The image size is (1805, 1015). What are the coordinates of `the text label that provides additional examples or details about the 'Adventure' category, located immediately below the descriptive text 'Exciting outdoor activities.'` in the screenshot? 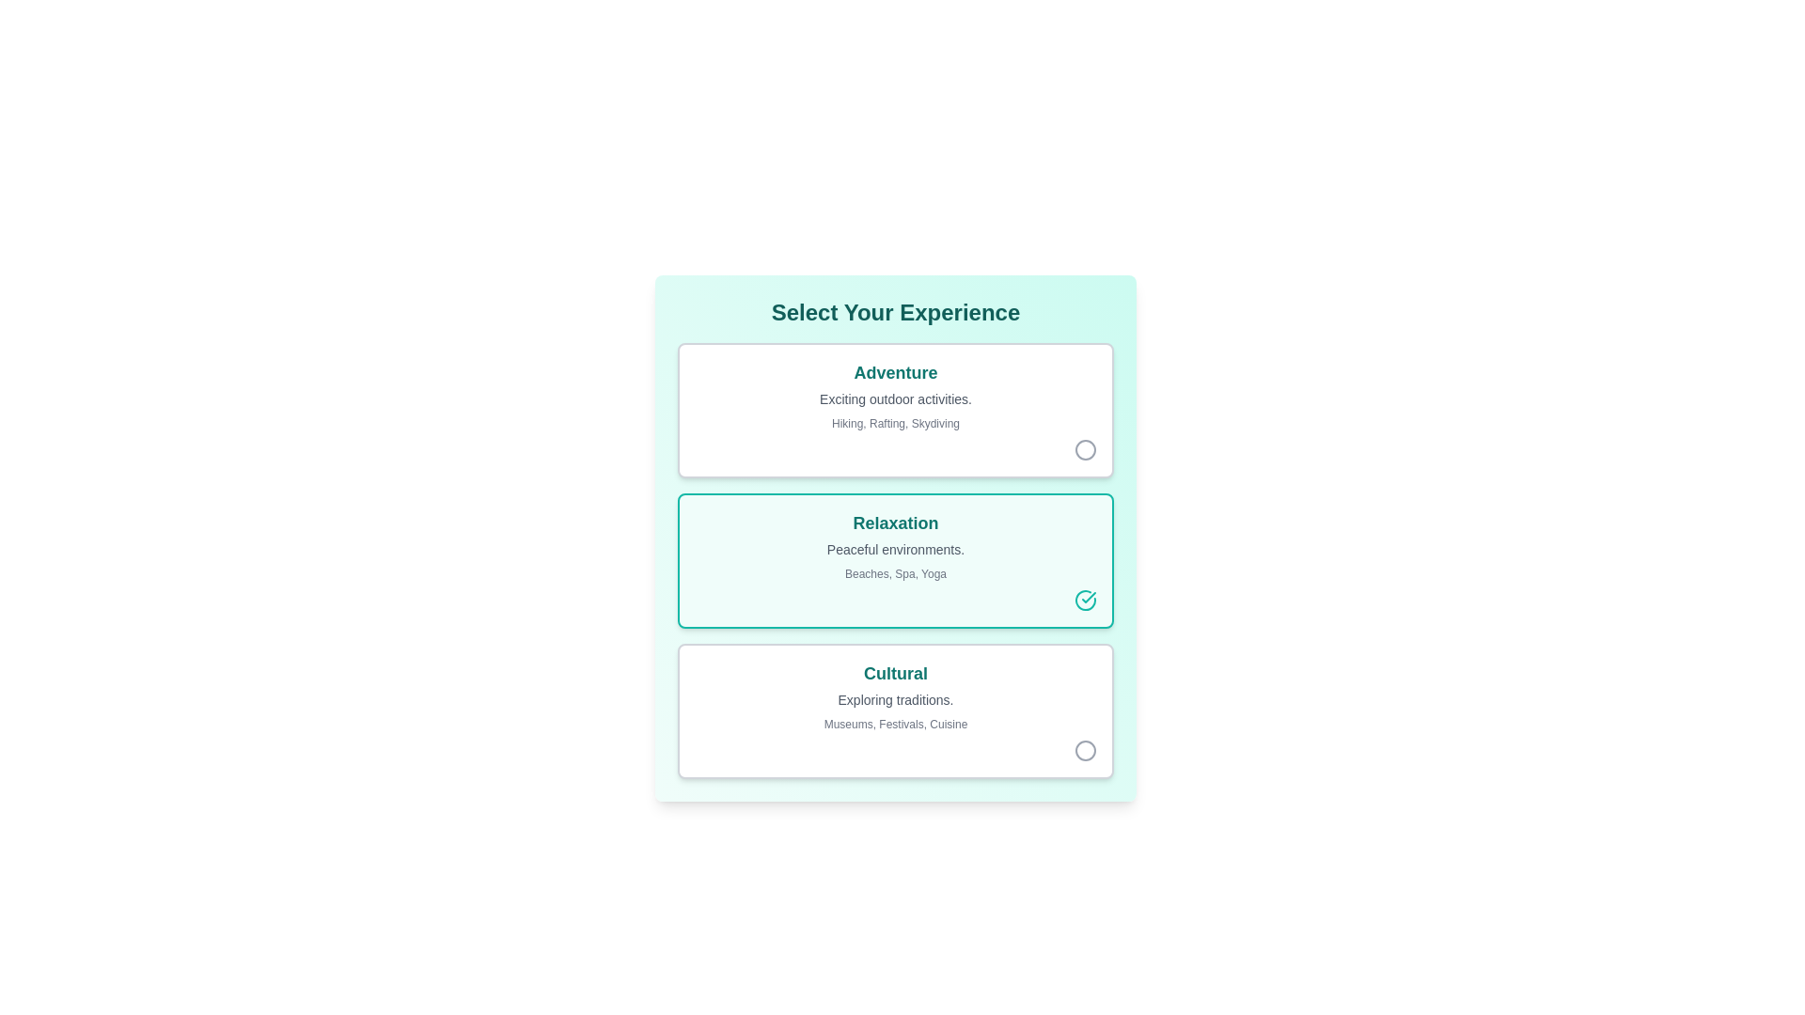 It's located at (895, 424).